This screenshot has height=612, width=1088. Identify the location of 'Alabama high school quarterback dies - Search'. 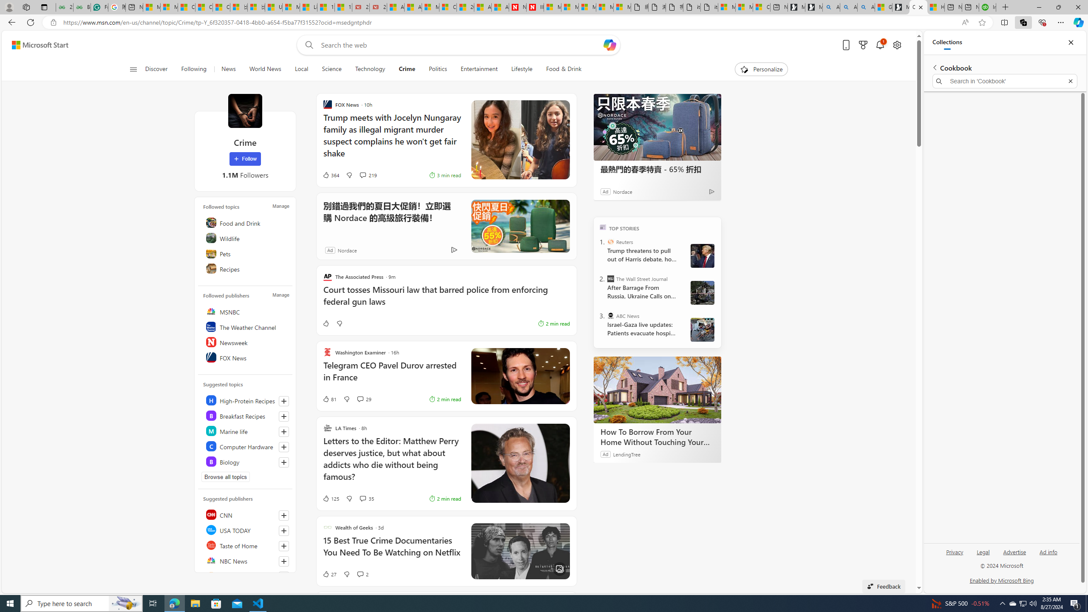
(830, 7).